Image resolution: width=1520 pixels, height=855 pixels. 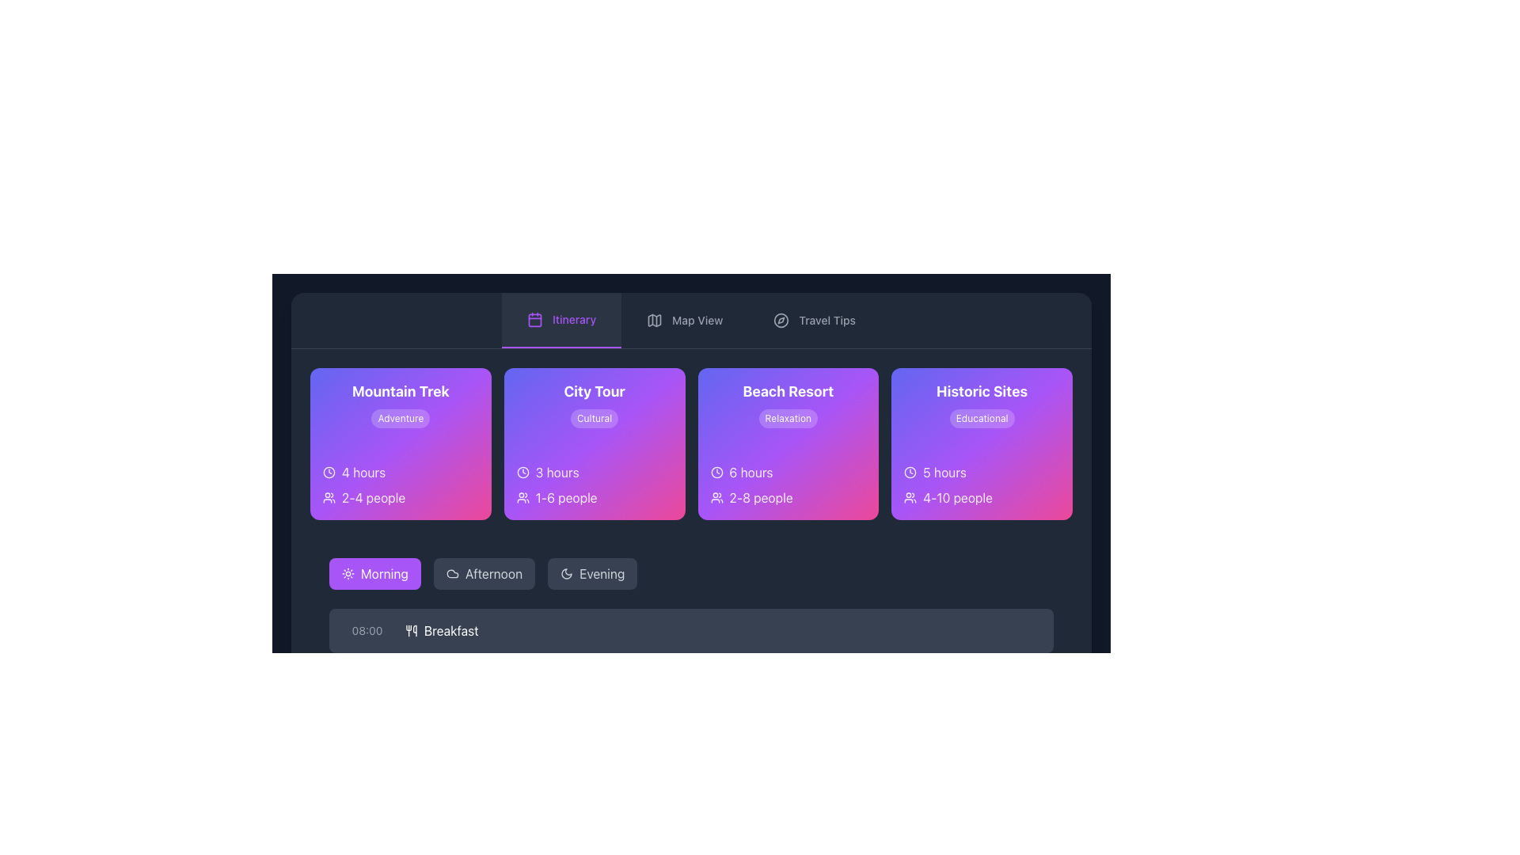 What do you see at coordinates (329, 496) in the screenshot?
I see `the group of people icon with a minimalist design, located to the left of the '2-4 people' text and below the '4 hours' text in the 'Mountain Trek' card` at bounding box center [329, 496].